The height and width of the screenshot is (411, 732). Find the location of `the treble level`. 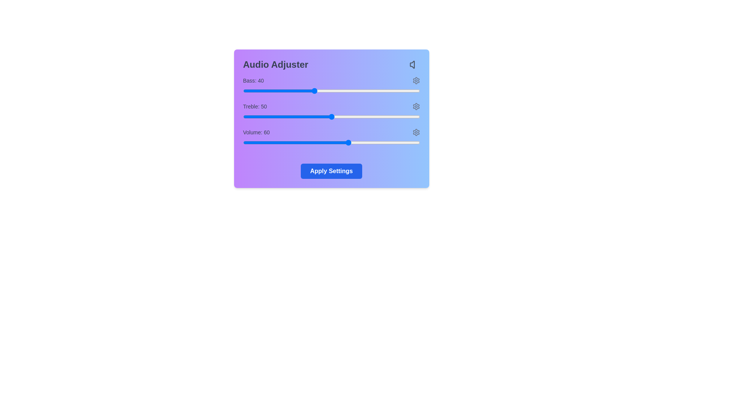

the treble level is located at coordinates (276, 117).